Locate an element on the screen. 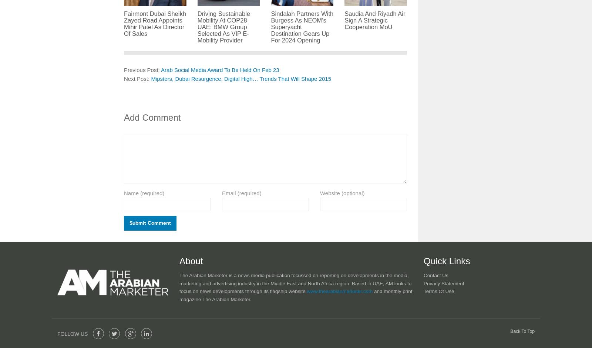 The image size is (592, 348). 'Fairmont Dubai Sheikh Zayed Road Appoints Mihir Patel As Director Of Sales' is located at coordinates (154, 23).